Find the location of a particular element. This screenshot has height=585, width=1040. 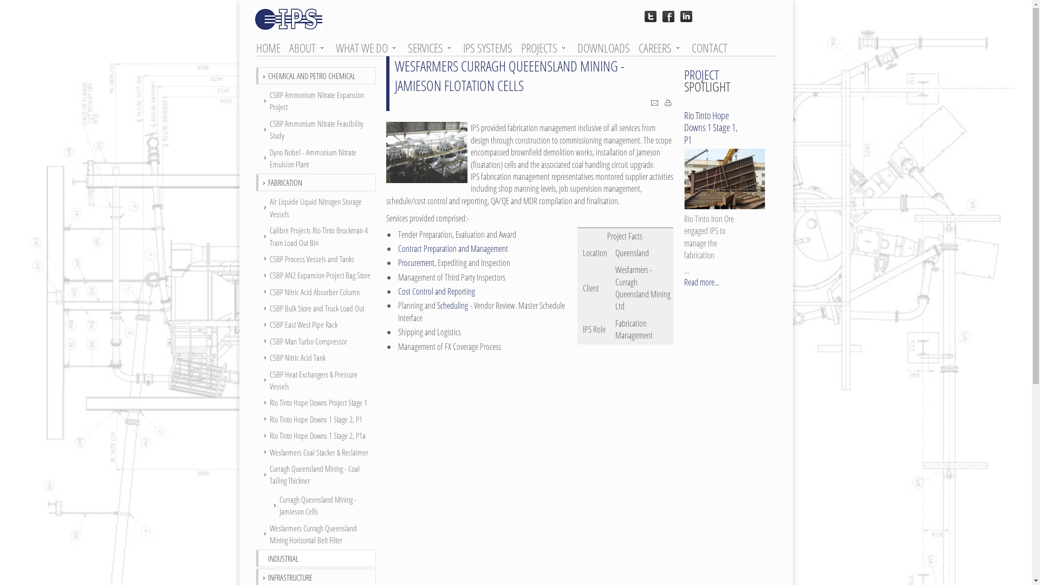

'Scheduling' is located at coordinates (452, 305).